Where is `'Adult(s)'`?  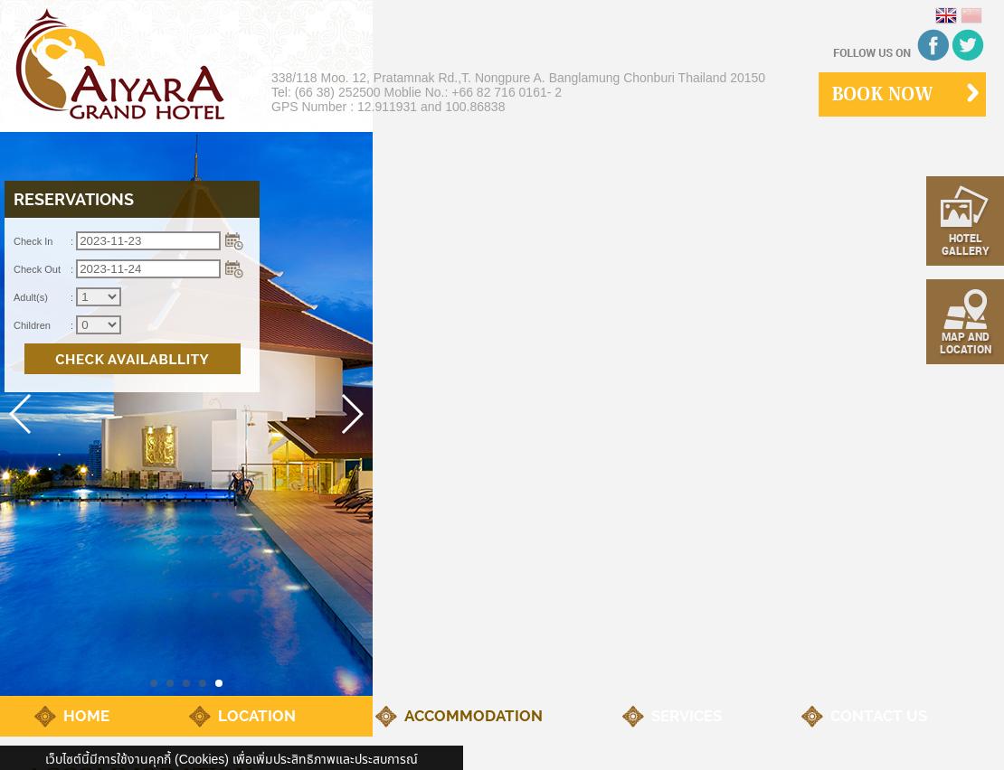 'Adult(s)' is located at coordinates (30, 297).